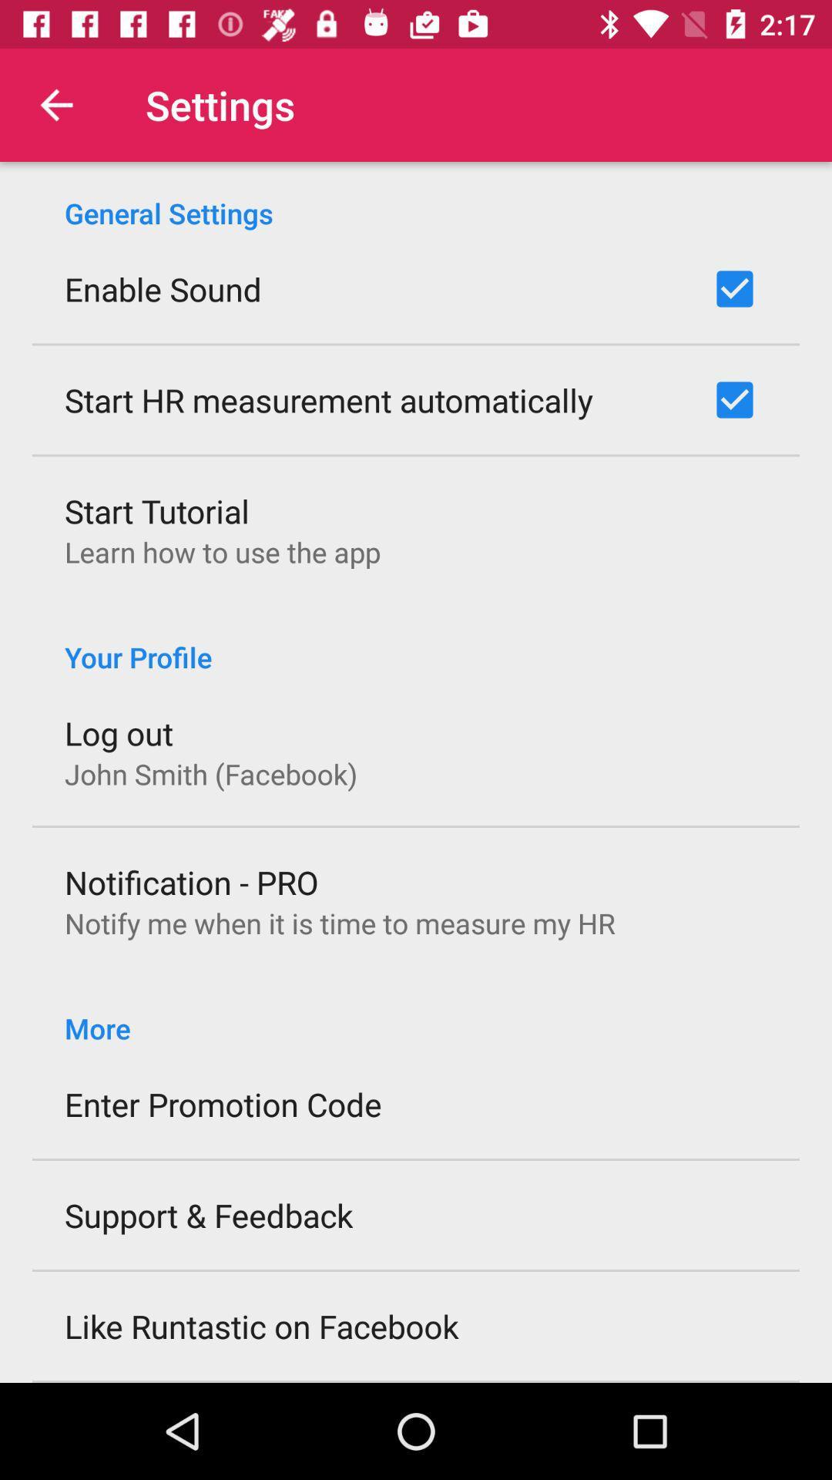  I want to click on the icon below start hr measurement item, so click(157, 510).